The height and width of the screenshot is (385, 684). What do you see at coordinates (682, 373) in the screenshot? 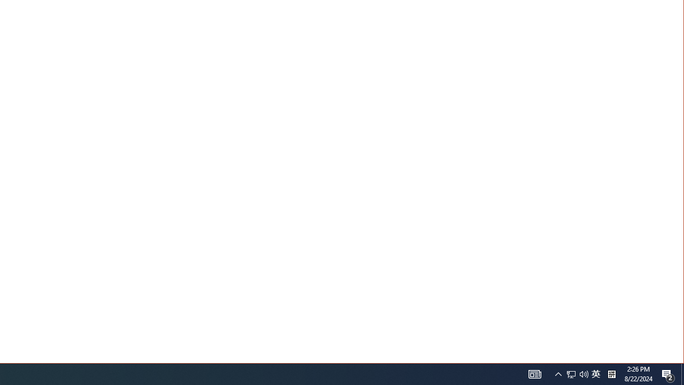
I see `'Show desktop'` at bounding box center [682, 373].